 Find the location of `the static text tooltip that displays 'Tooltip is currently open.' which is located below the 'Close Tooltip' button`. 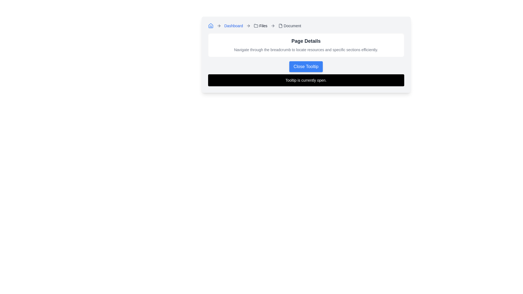

the static text tooltip that displays 'Tooltip is currently open.' which is located below the 'Close Tooltip' button is located at coordinates (306, 80).